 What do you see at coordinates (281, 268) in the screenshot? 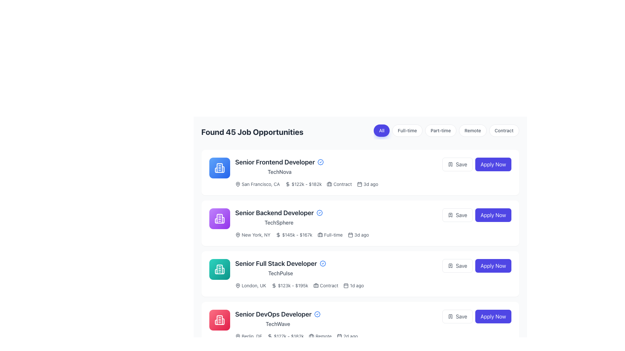
I see `the text label that displays 'Senior Full Stack Developer' in a bold font style to interact with the job listing` at bounding box center [281, 268].